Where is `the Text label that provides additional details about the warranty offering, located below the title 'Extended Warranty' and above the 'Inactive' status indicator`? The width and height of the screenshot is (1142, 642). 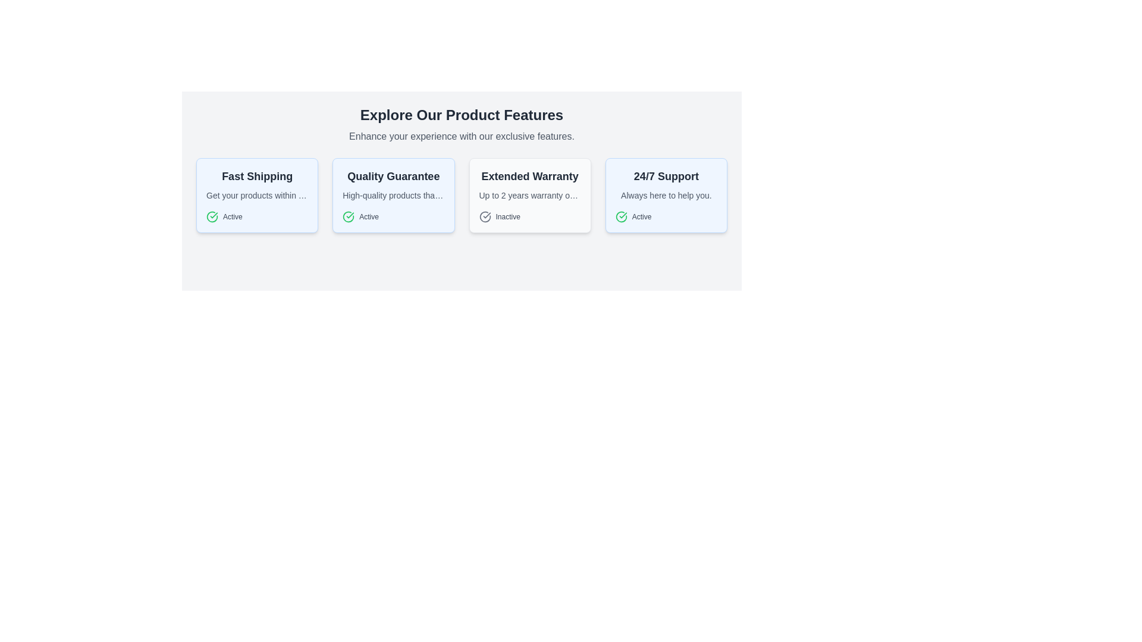
the Text label that provides additional details about the warranty offering, located below the title 'Extended Warranty' and above the 'Inactive' status indicator is located at coordinates (529, 194).